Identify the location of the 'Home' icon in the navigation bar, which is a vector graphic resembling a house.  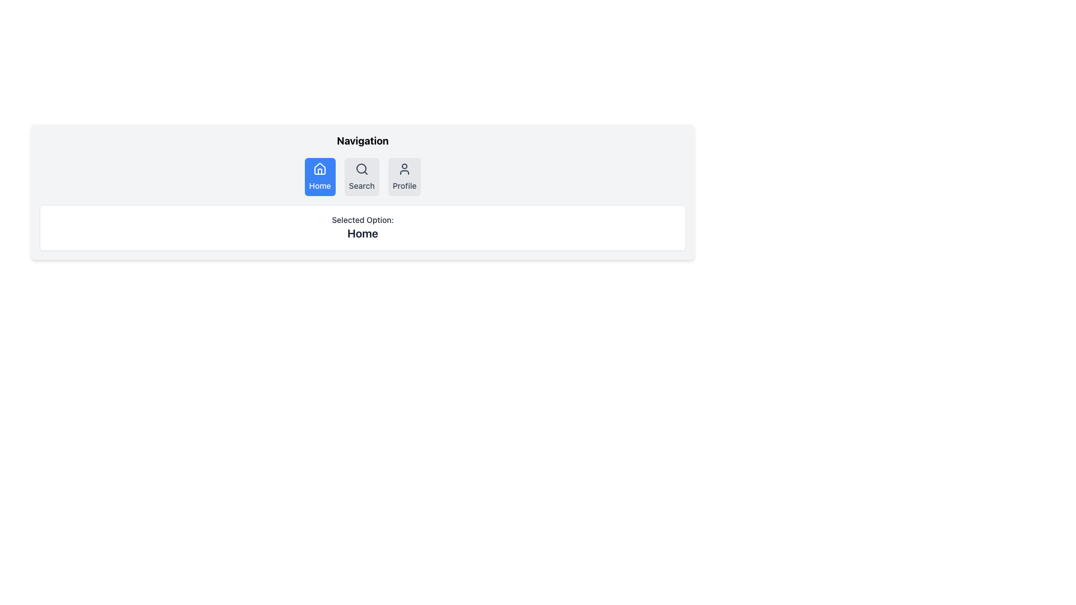
(319, 169).